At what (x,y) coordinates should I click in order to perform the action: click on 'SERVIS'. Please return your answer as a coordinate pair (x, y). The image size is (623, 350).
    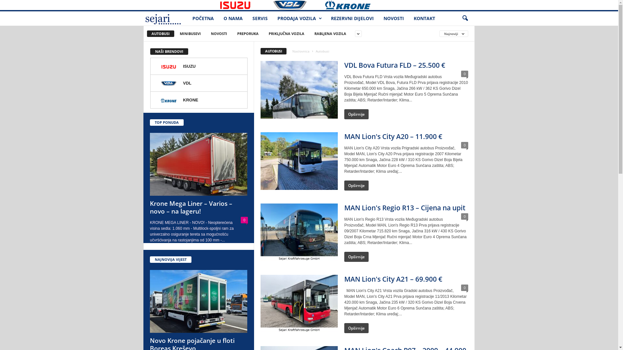
    Looking at the image, I should click on (260, 18).